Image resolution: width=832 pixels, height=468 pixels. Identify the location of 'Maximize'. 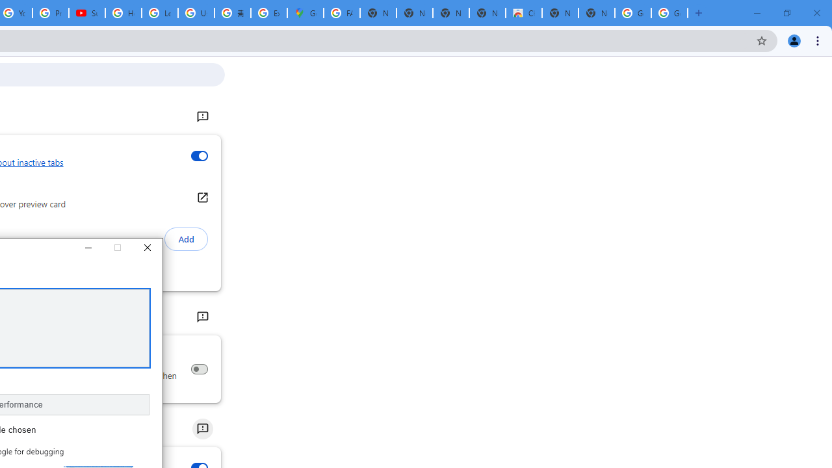
(117, 248).